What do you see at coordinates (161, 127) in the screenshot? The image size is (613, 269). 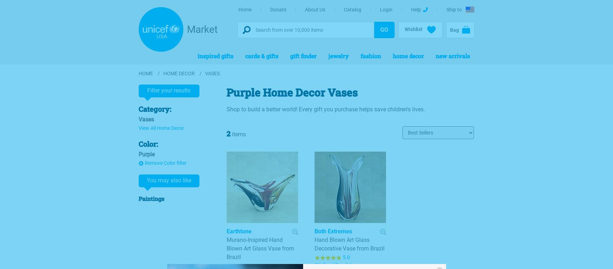 I see `'View All Home Decor'` at bounding box center [161, 127].